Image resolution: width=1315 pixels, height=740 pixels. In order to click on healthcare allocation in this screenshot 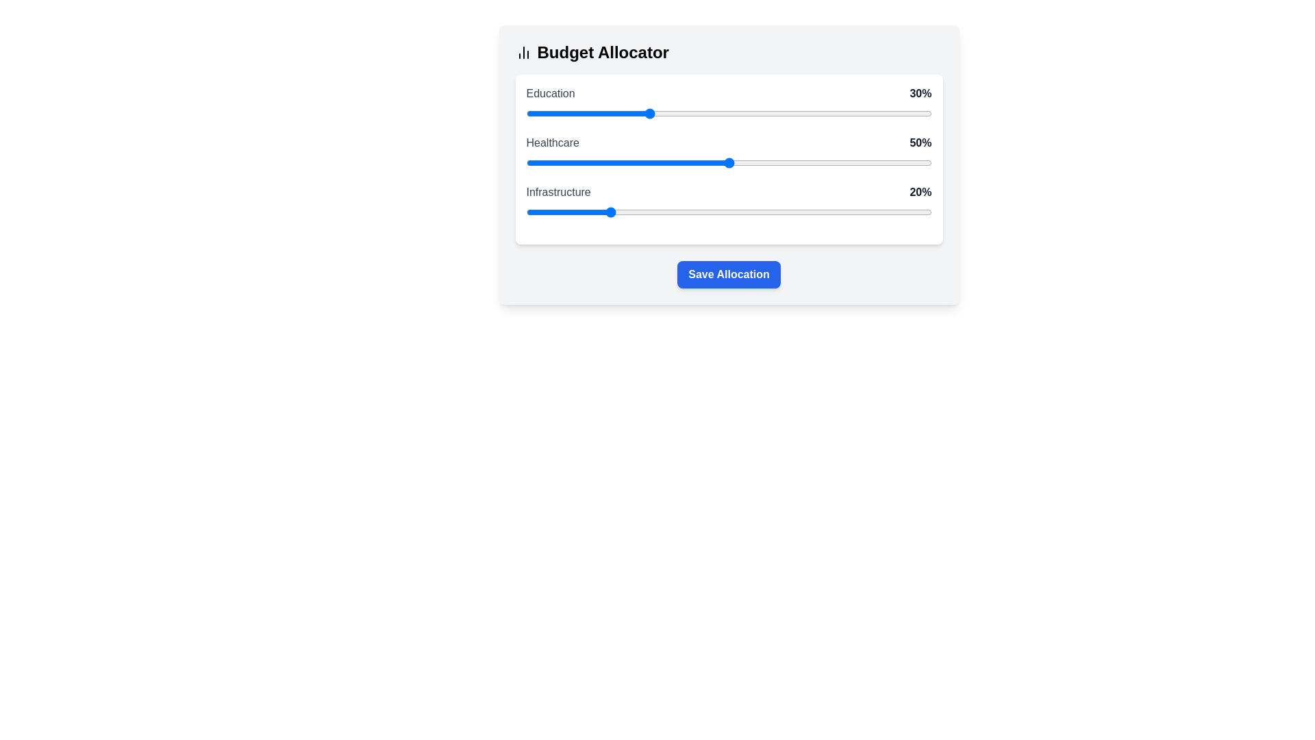, I will do `click(794, 162)`.